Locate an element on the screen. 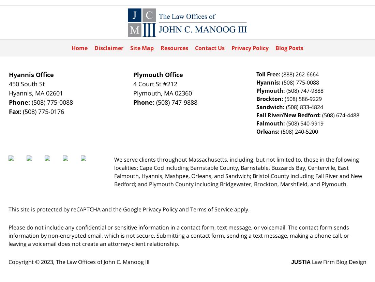 The width and height of the screenshot is (375, 282). 'Hyannis, Mashpee, Orleans, and Sandwich; Bristol County including Fall River and New Bedford; and Plymouth County including Bridgewater, Brockton, Marshfield, and Plymouth.' is located at coordinates (238, 180).